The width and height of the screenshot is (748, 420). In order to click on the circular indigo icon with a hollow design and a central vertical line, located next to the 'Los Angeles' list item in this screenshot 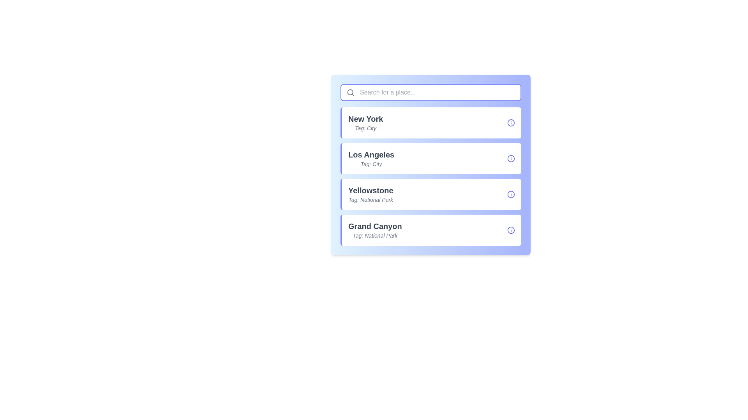, I will do `click(511, 158)`.